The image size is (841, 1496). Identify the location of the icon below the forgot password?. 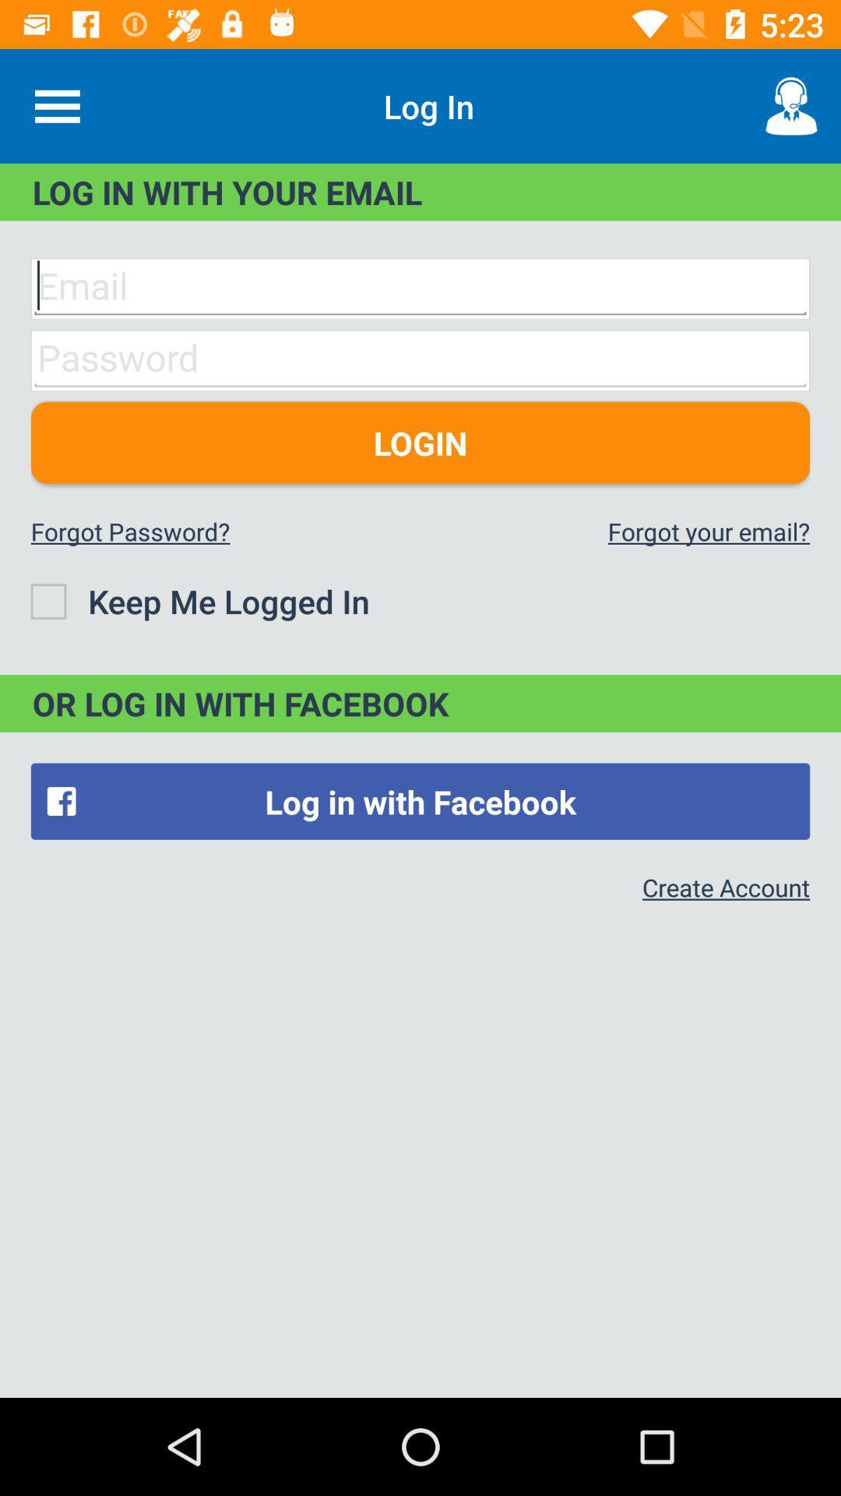
(199, 600).